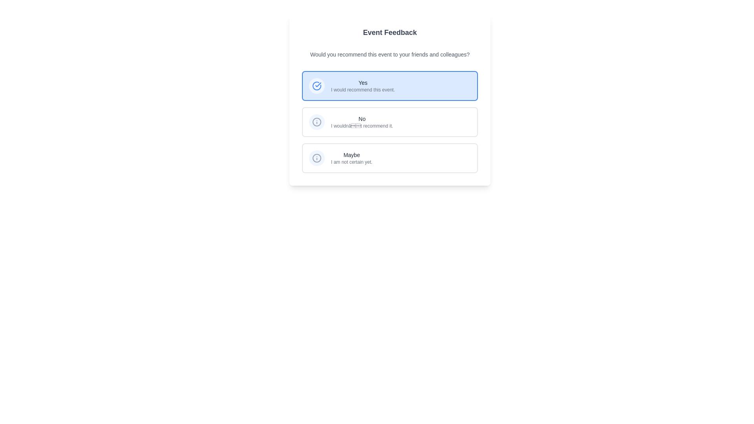 The image size is (754, 424). I want to click on the blue circular icon with a checkmark, located in the left section of the 'Yes, I would recommend this event' option in the Event Feedback interface, so click(317, 86).